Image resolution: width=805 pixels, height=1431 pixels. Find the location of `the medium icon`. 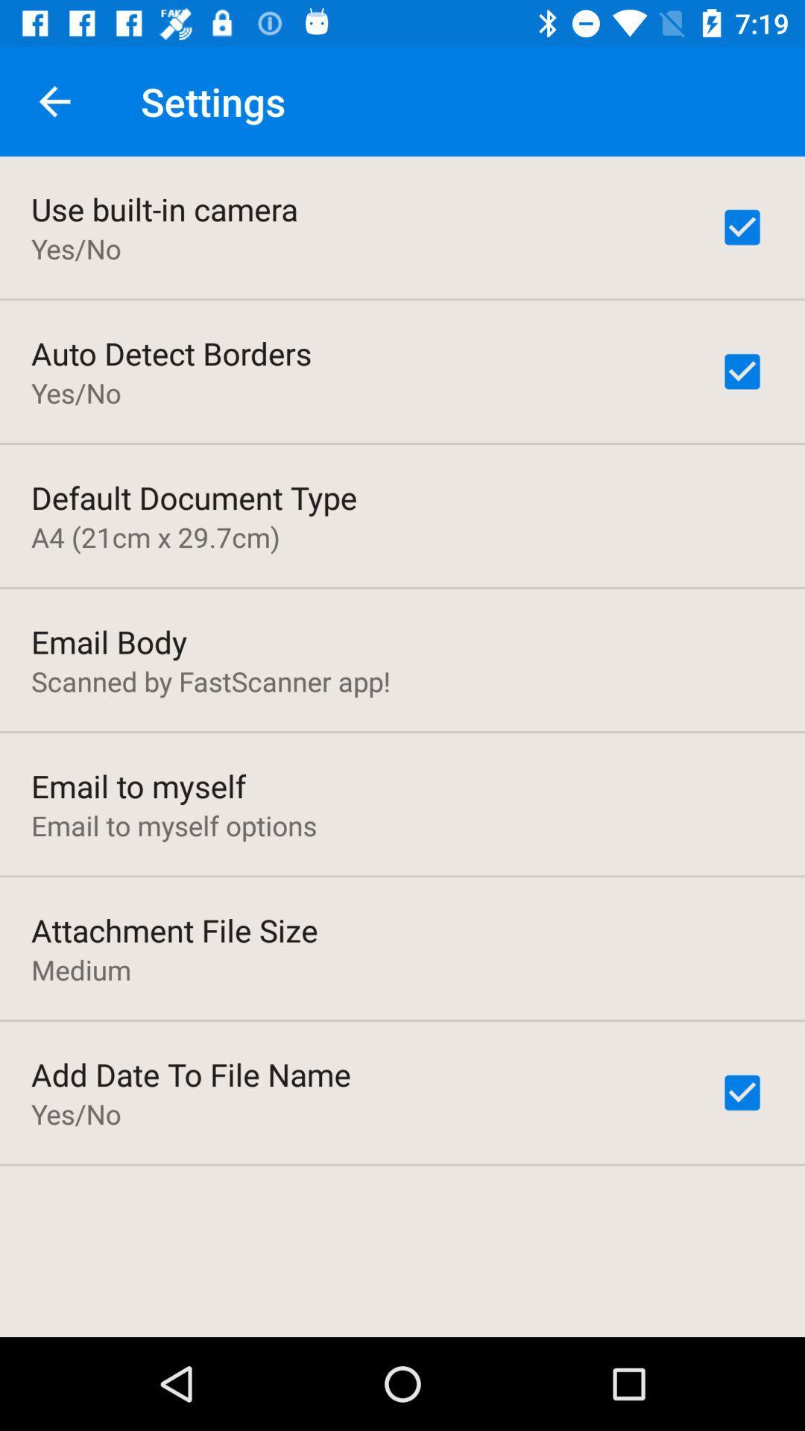

the medium icon is located at coordinates (81, 970).